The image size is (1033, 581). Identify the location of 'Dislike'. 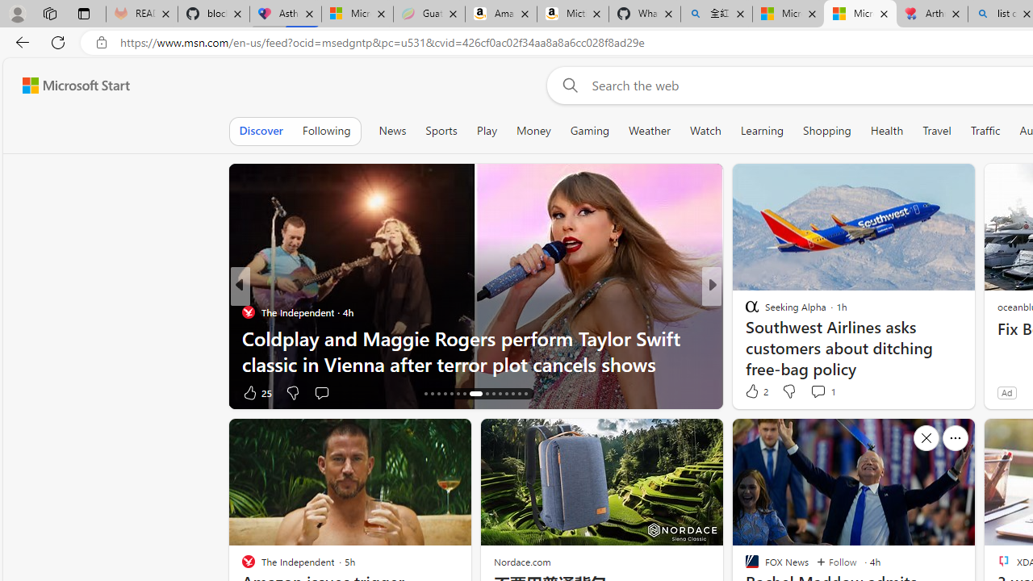
(788, 391).